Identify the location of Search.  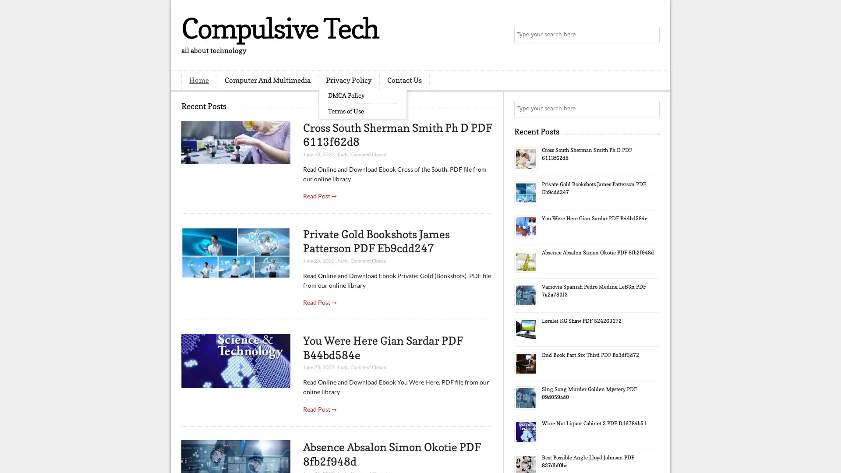
(650, 109).